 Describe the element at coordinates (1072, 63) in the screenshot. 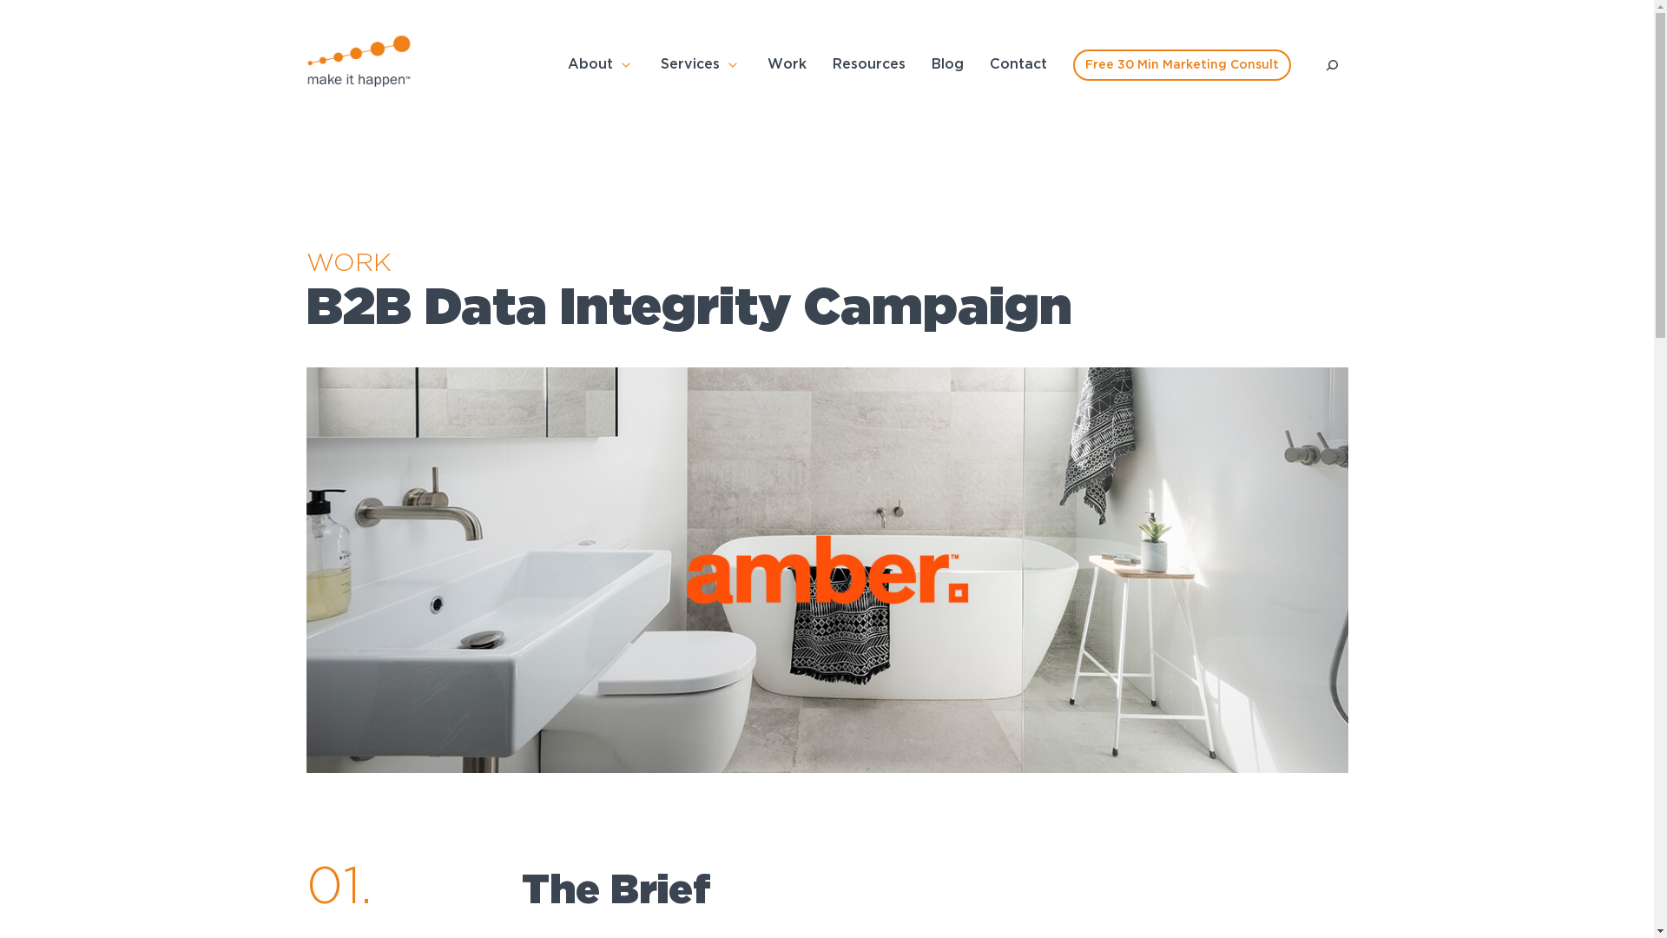

I see `'Free 30 Min Marketing Consult'` at that location.